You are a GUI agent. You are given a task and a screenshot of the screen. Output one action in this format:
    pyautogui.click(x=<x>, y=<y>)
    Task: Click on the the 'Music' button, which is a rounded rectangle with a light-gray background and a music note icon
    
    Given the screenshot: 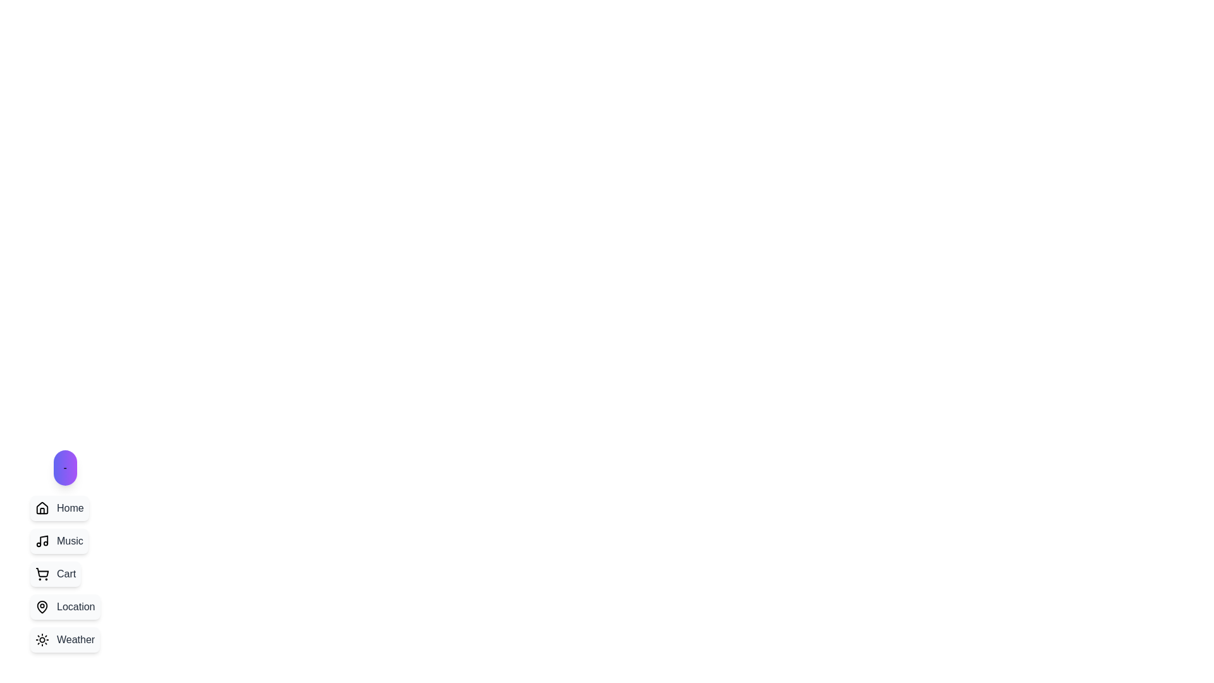 What is the action you would take?
    pyautogui.click(x=58, y=541)
    